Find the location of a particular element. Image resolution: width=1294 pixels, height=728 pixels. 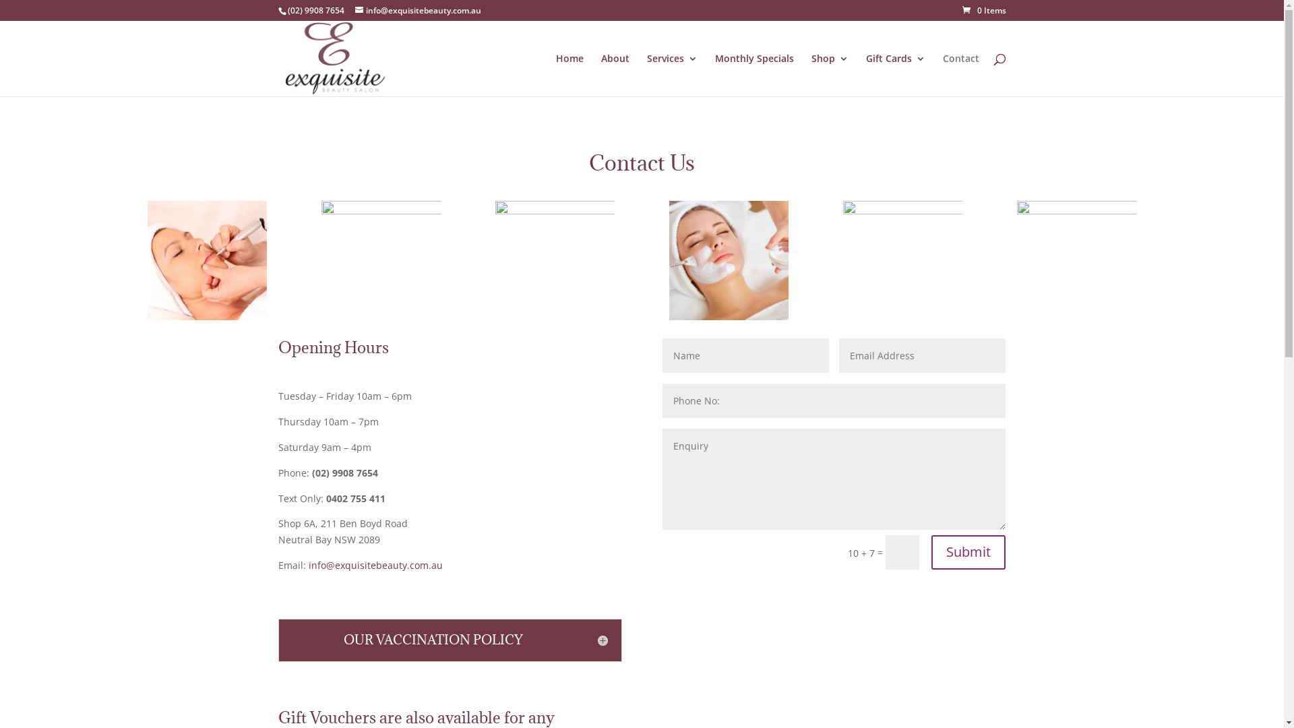

'info@exquisitebeauty.com.au' is located at coordinates (375, 565).